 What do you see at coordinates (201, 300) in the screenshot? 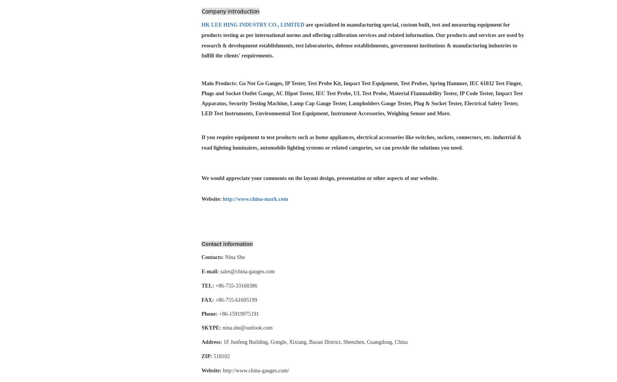
I see `'FAX:'` at bounding box center [201, 300].